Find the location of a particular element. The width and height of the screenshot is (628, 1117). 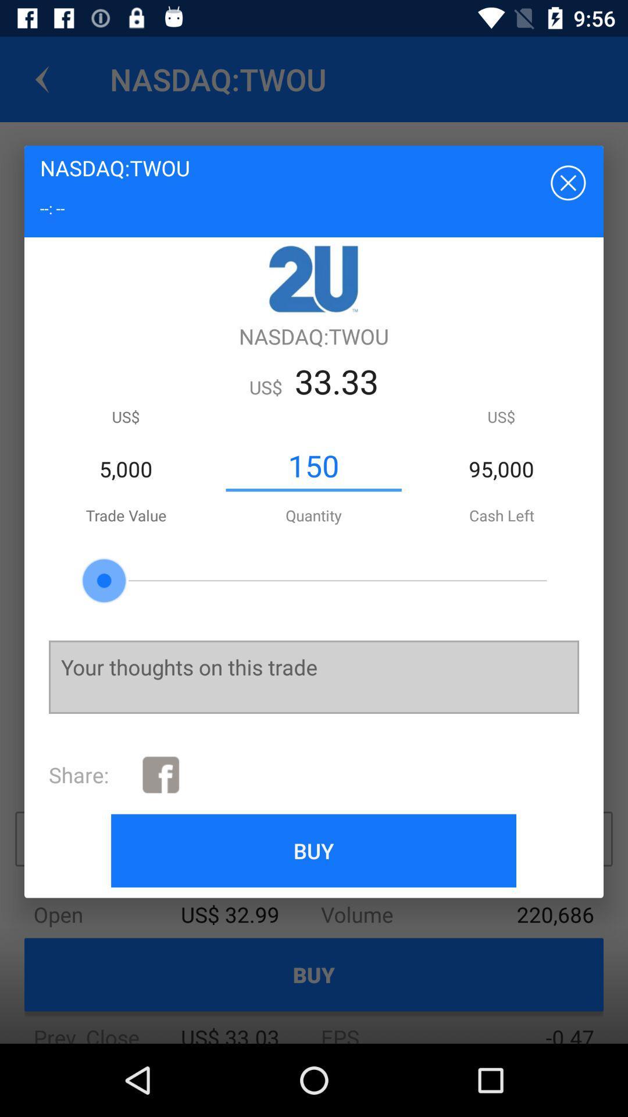

item at the top right corner is located at coordinates (566, 182).